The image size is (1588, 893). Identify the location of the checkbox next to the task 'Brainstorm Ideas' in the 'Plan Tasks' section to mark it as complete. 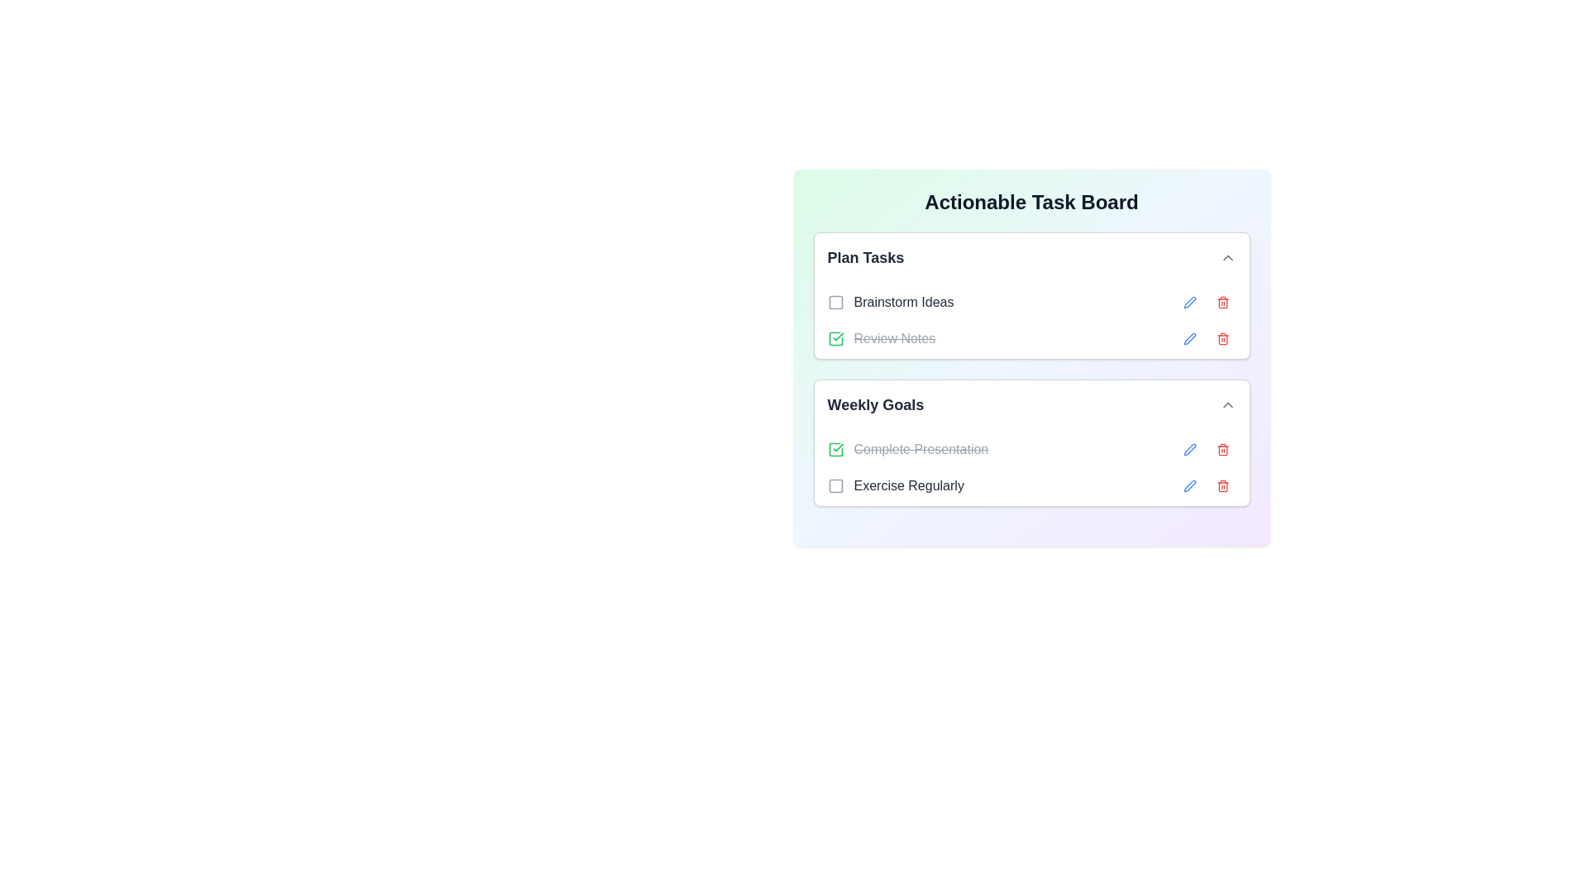
(889, 303).